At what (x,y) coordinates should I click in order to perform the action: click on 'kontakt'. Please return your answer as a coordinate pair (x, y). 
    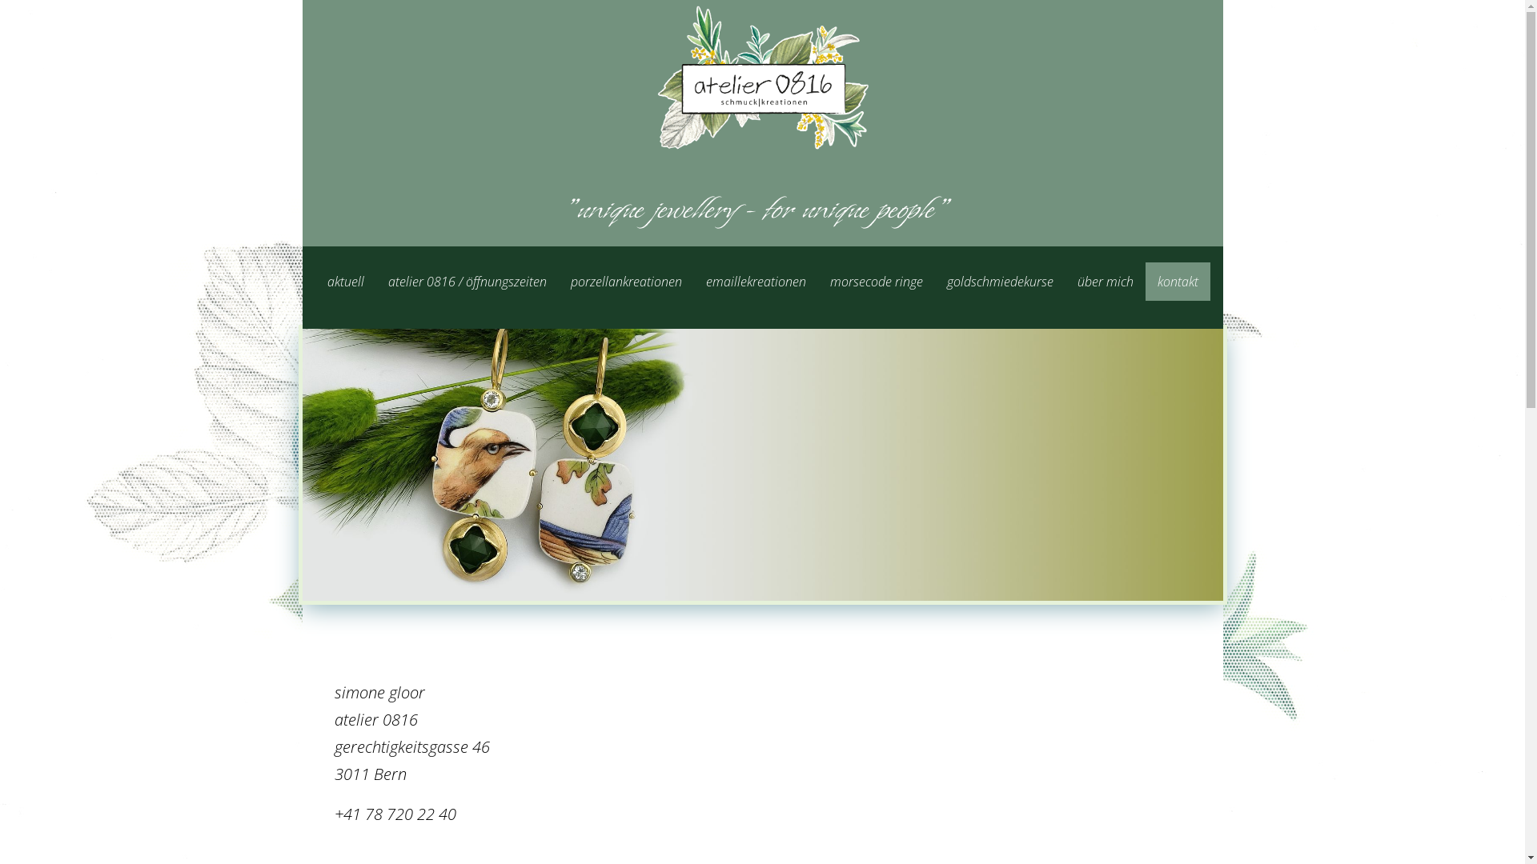
    Looking at the image, I should click on (1177, 280).